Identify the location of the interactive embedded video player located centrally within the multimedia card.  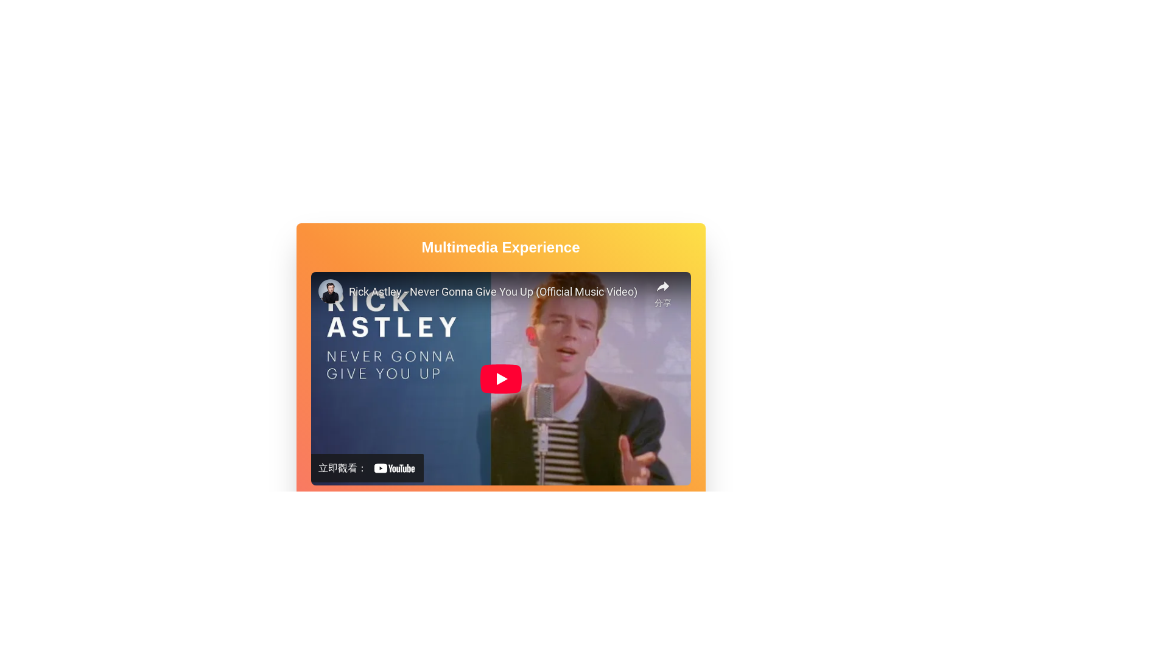
(500, 378).